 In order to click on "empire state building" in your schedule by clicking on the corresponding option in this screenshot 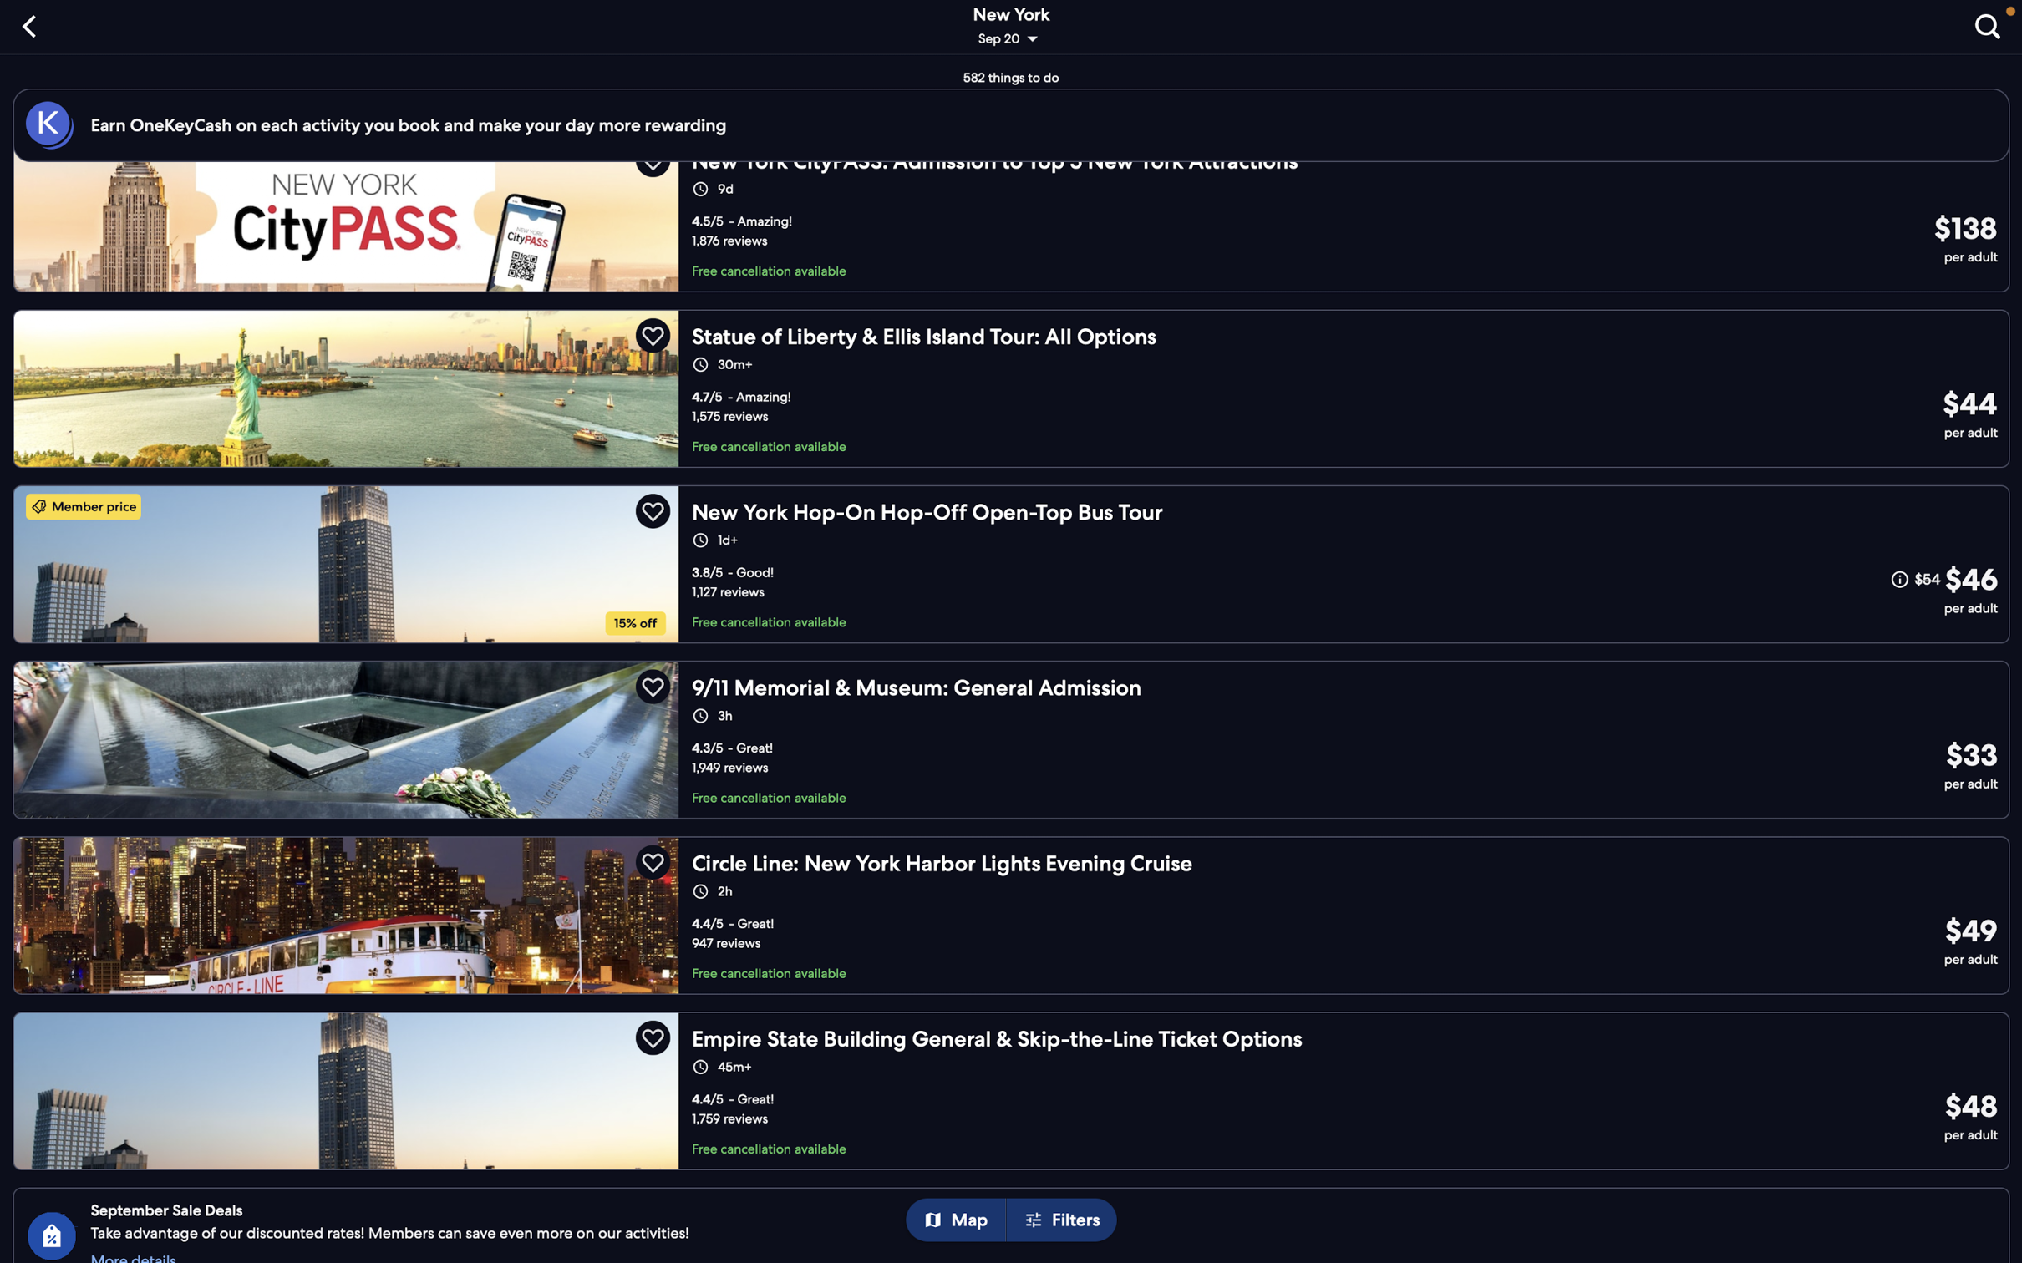, I will do `click(1017, 1086)`.